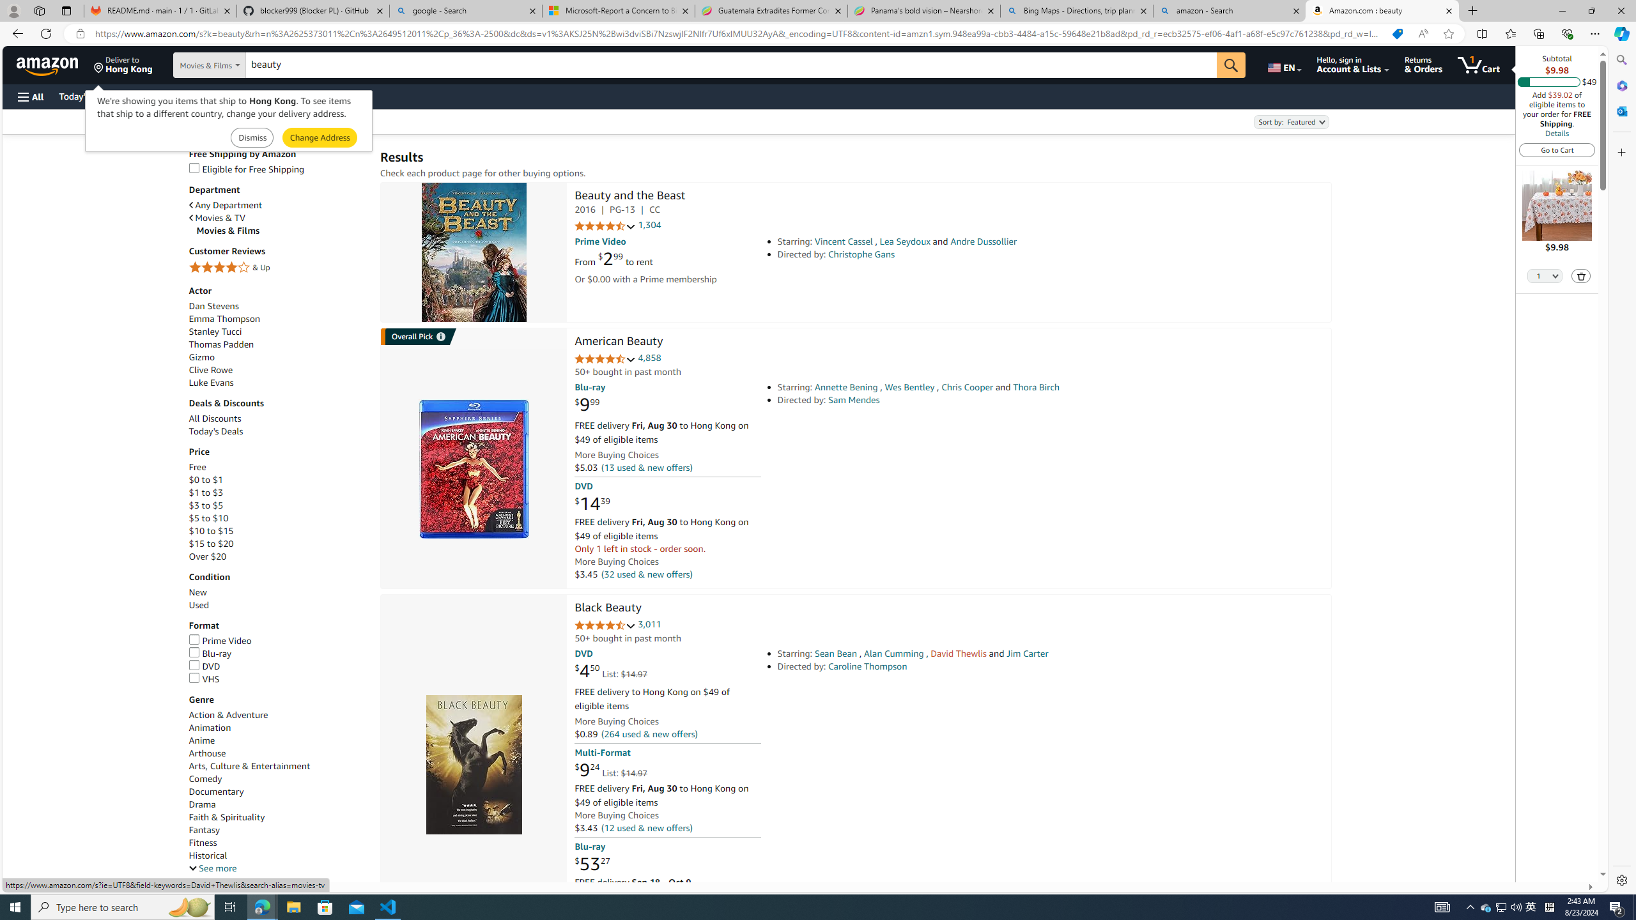 This screenshot has height=920, width=1636. Describe the element at coordinates (278, 842) in the screenshot. I see `'Fitness'` at that location.